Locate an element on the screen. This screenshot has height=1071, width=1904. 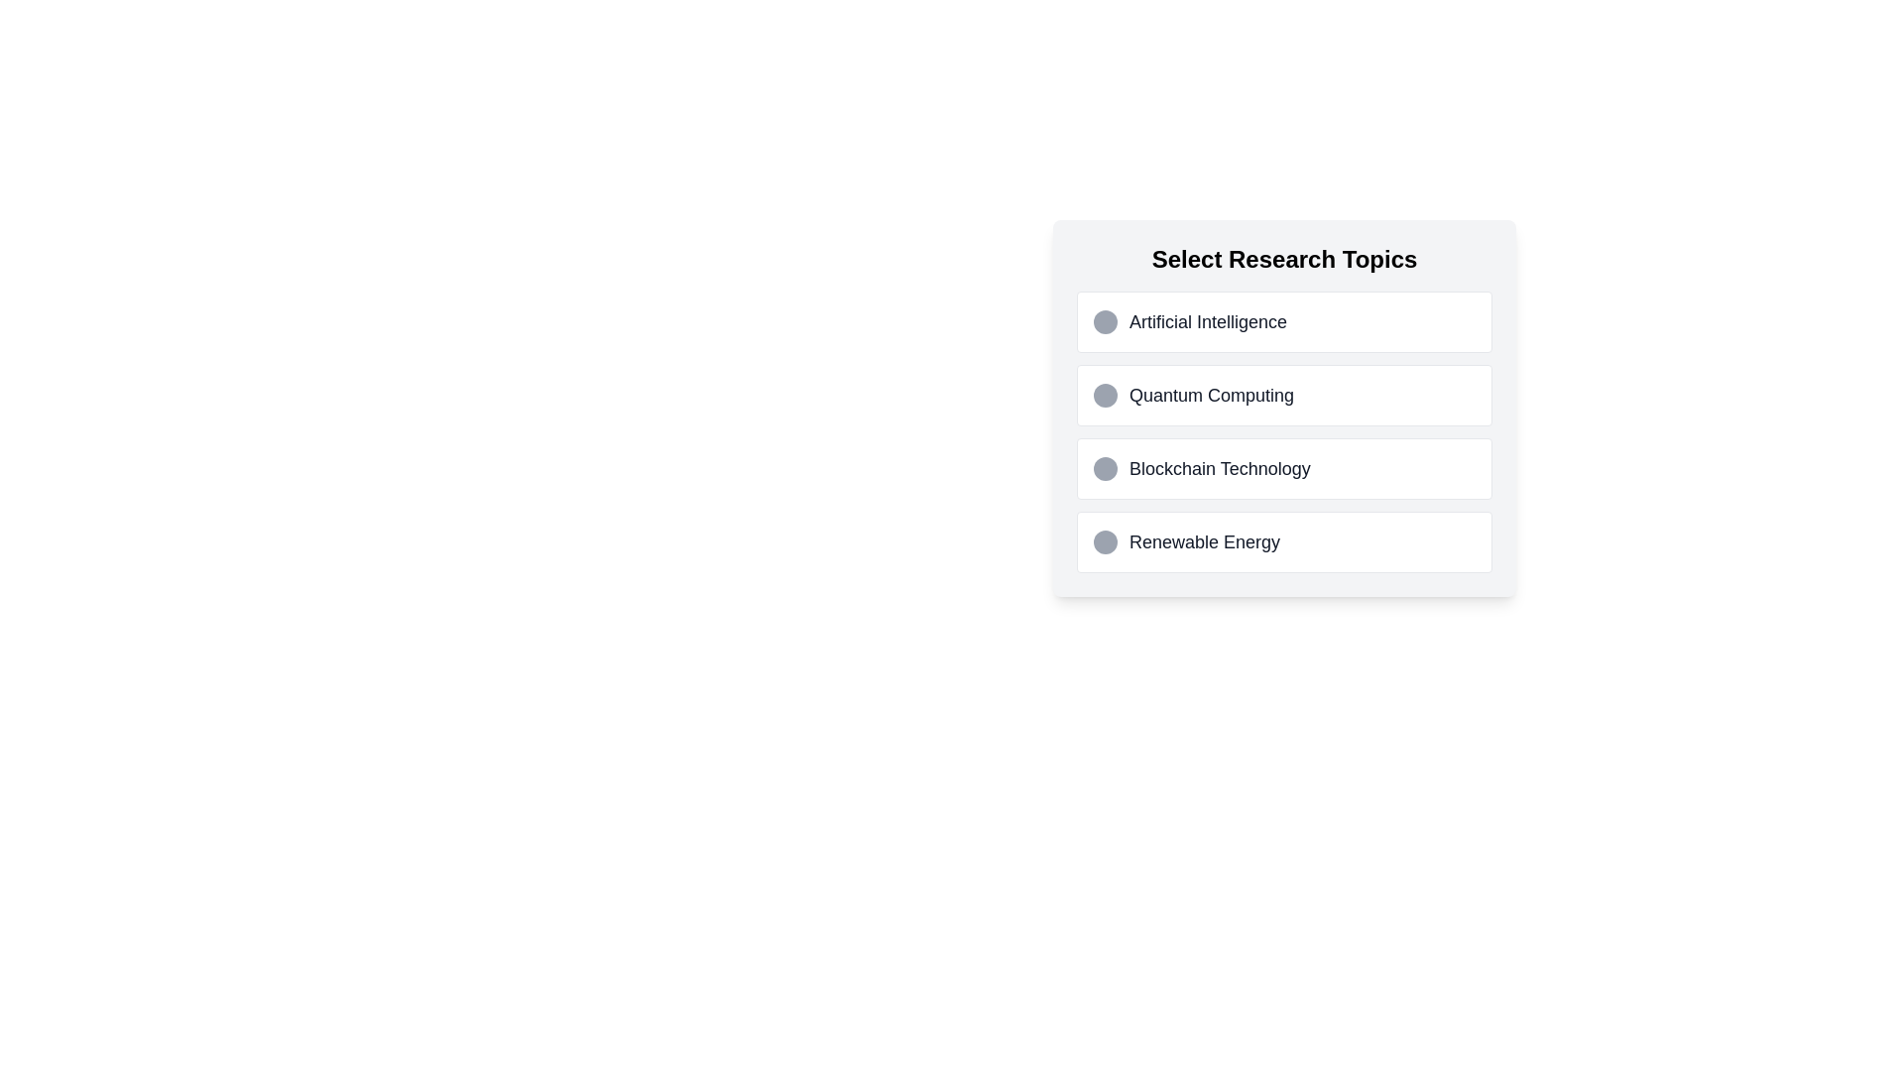
the fourth card labeled 'Renewable Energy' in the selectable list is located at coordinates (1284, 542).